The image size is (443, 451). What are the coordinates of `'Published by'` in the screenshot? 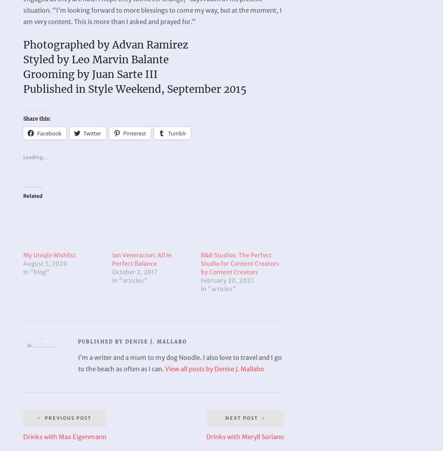 It's located at (101, 341).